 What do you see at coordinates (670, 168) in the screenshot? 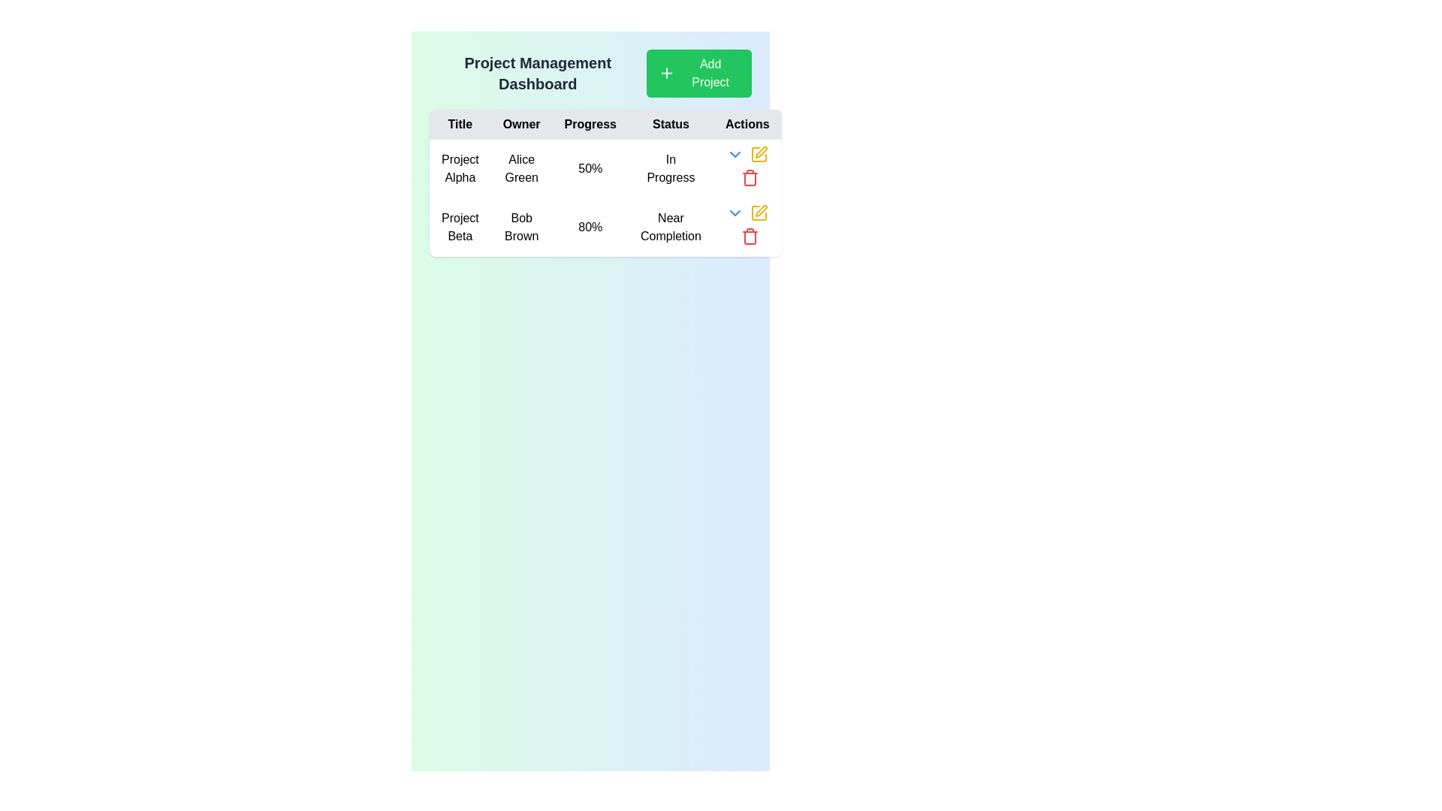
I see `the static text label displaying the status of 'Project Alpha' located in the 'Status' column of the table` at bounding box center [670, 168].